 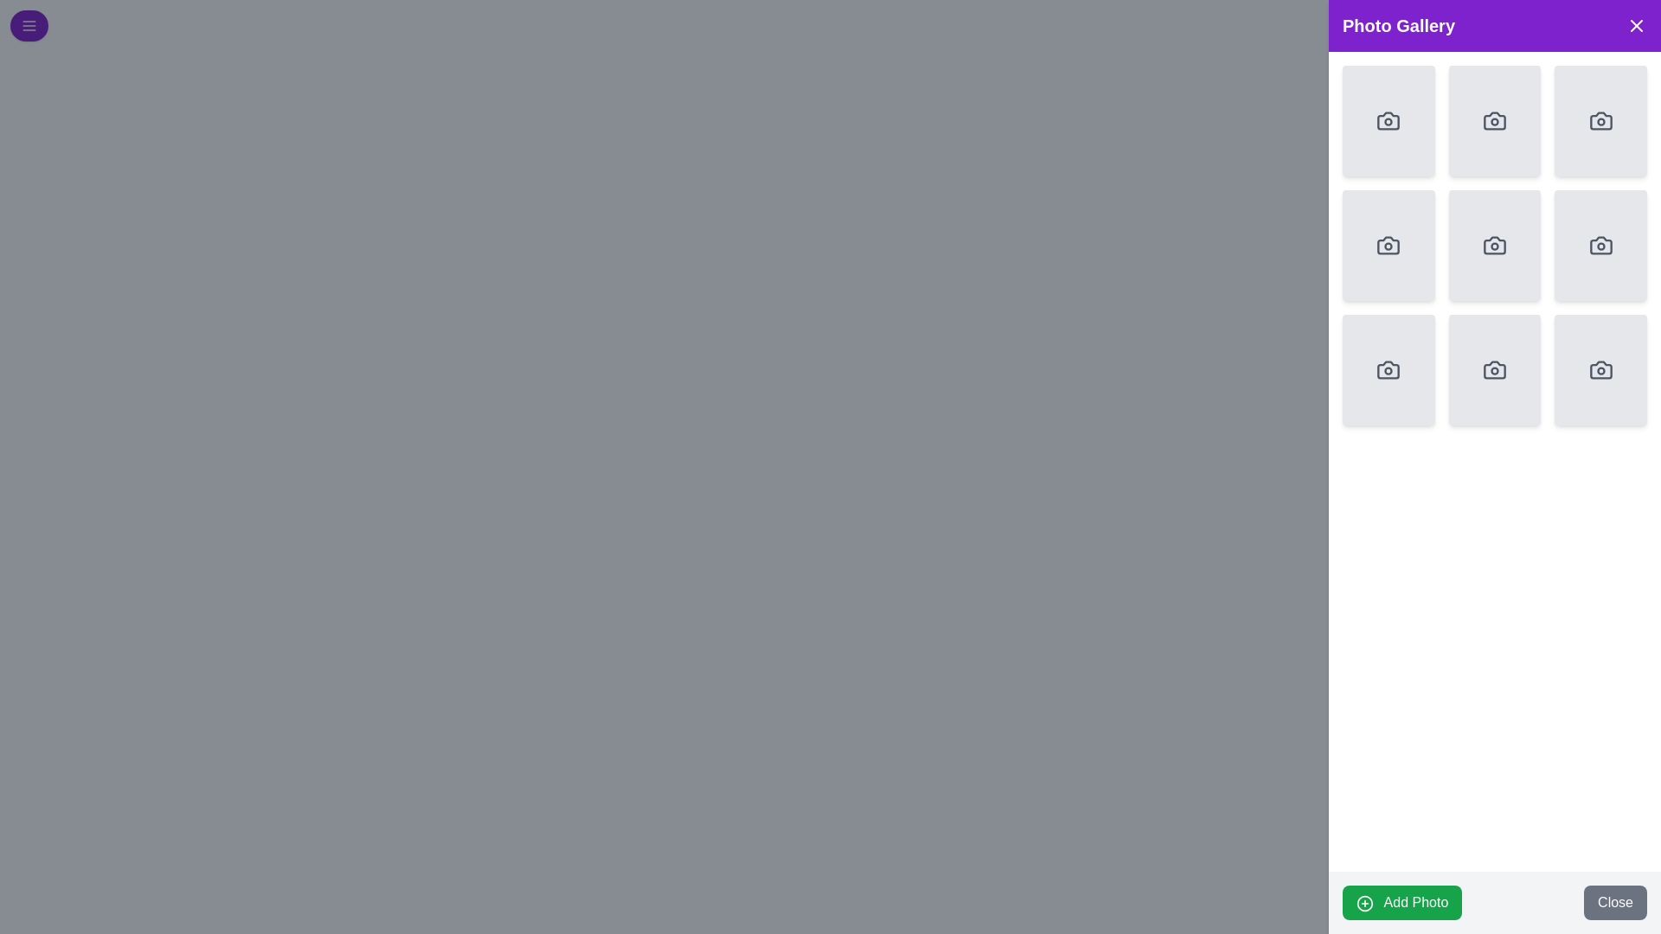 What do you see at coordinates (1494, 246) in the screenshot?
I see `the photo upload icon located in the center cell of the 3x3 grid in the 'Photo Gallery' panel` at bounding box center [1494, 246].